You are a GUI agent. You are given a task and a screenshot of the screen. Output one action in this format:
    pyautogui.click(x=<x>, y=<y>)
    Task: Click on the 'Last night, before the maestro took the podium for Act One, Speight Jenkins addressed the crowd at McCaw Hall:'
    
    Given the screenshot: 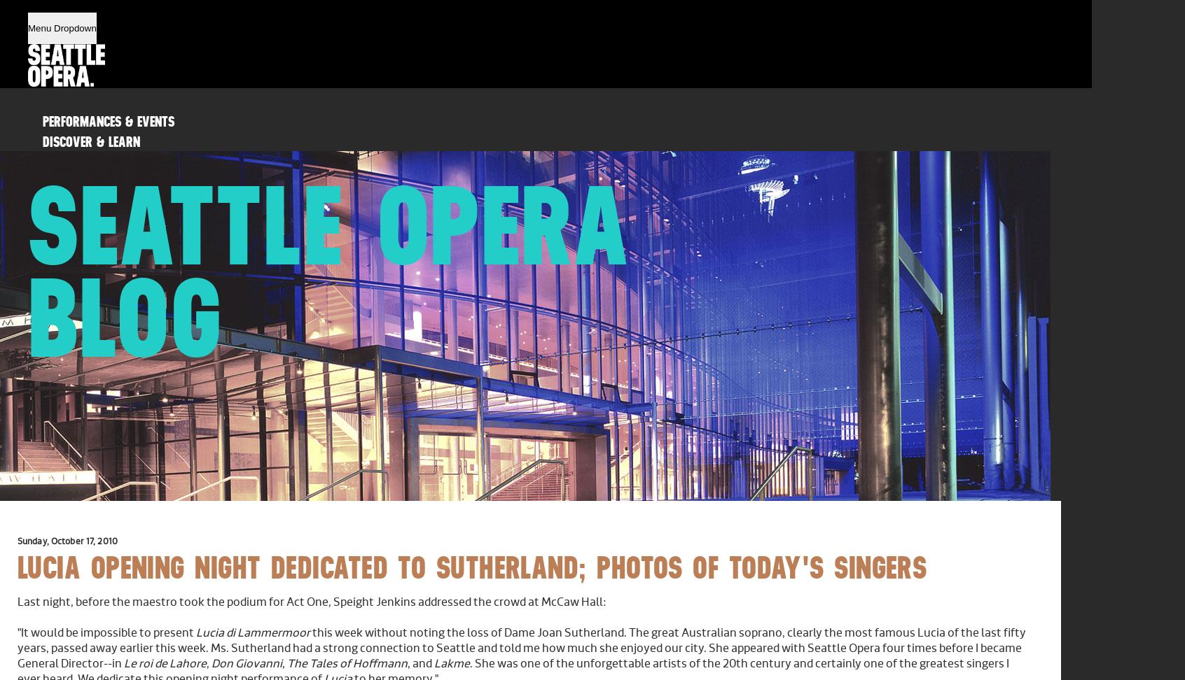 What is the action you would take?
    pyautogui.click(x=17, y=602)
    